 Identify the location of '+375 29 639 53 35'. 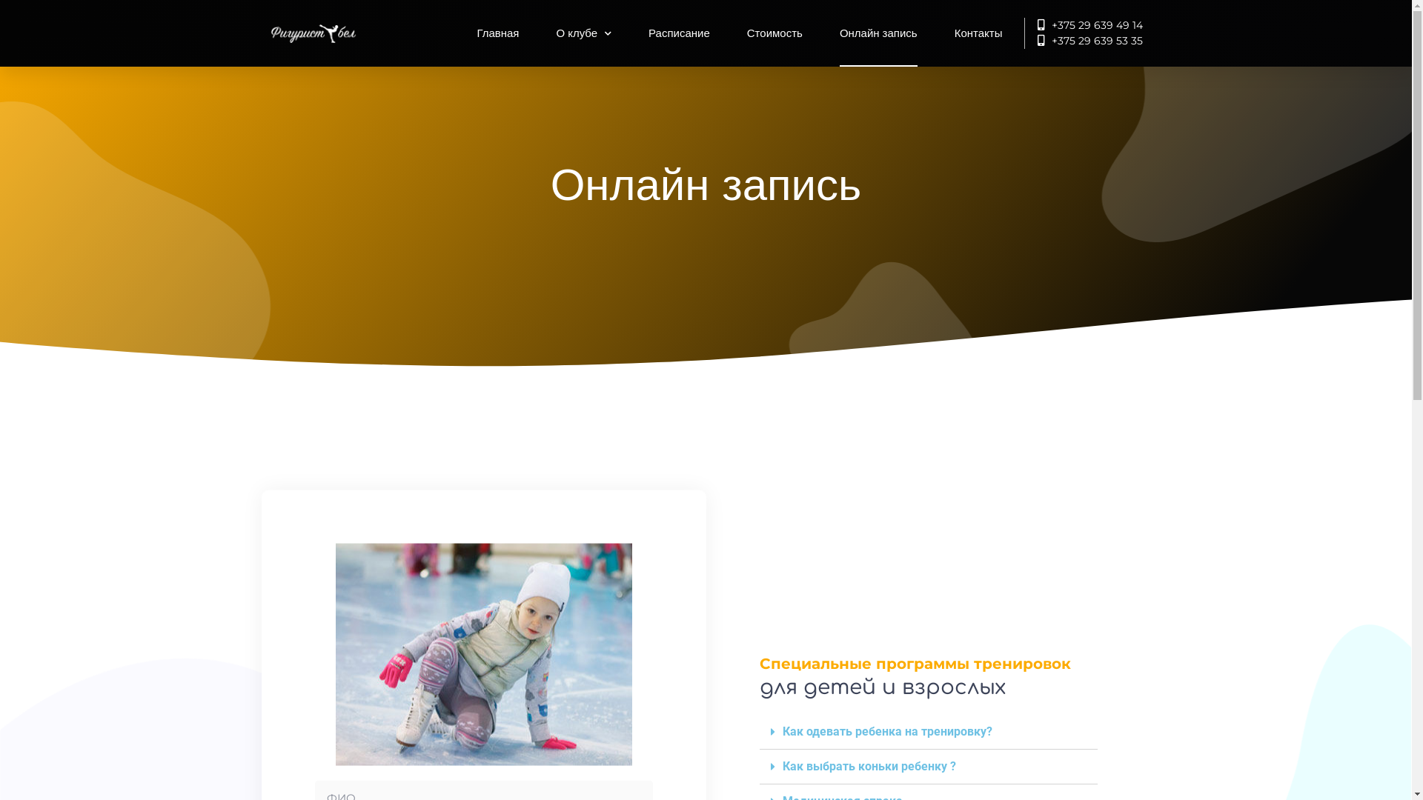
(1084, 40).